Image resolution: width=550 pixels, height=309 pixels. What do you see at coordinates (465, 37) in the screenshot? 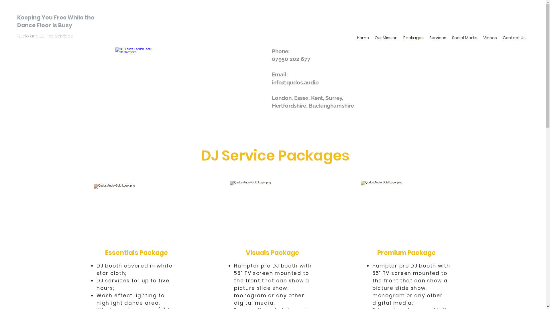
I see `'Social Media'` at bounding box center [465, 37].